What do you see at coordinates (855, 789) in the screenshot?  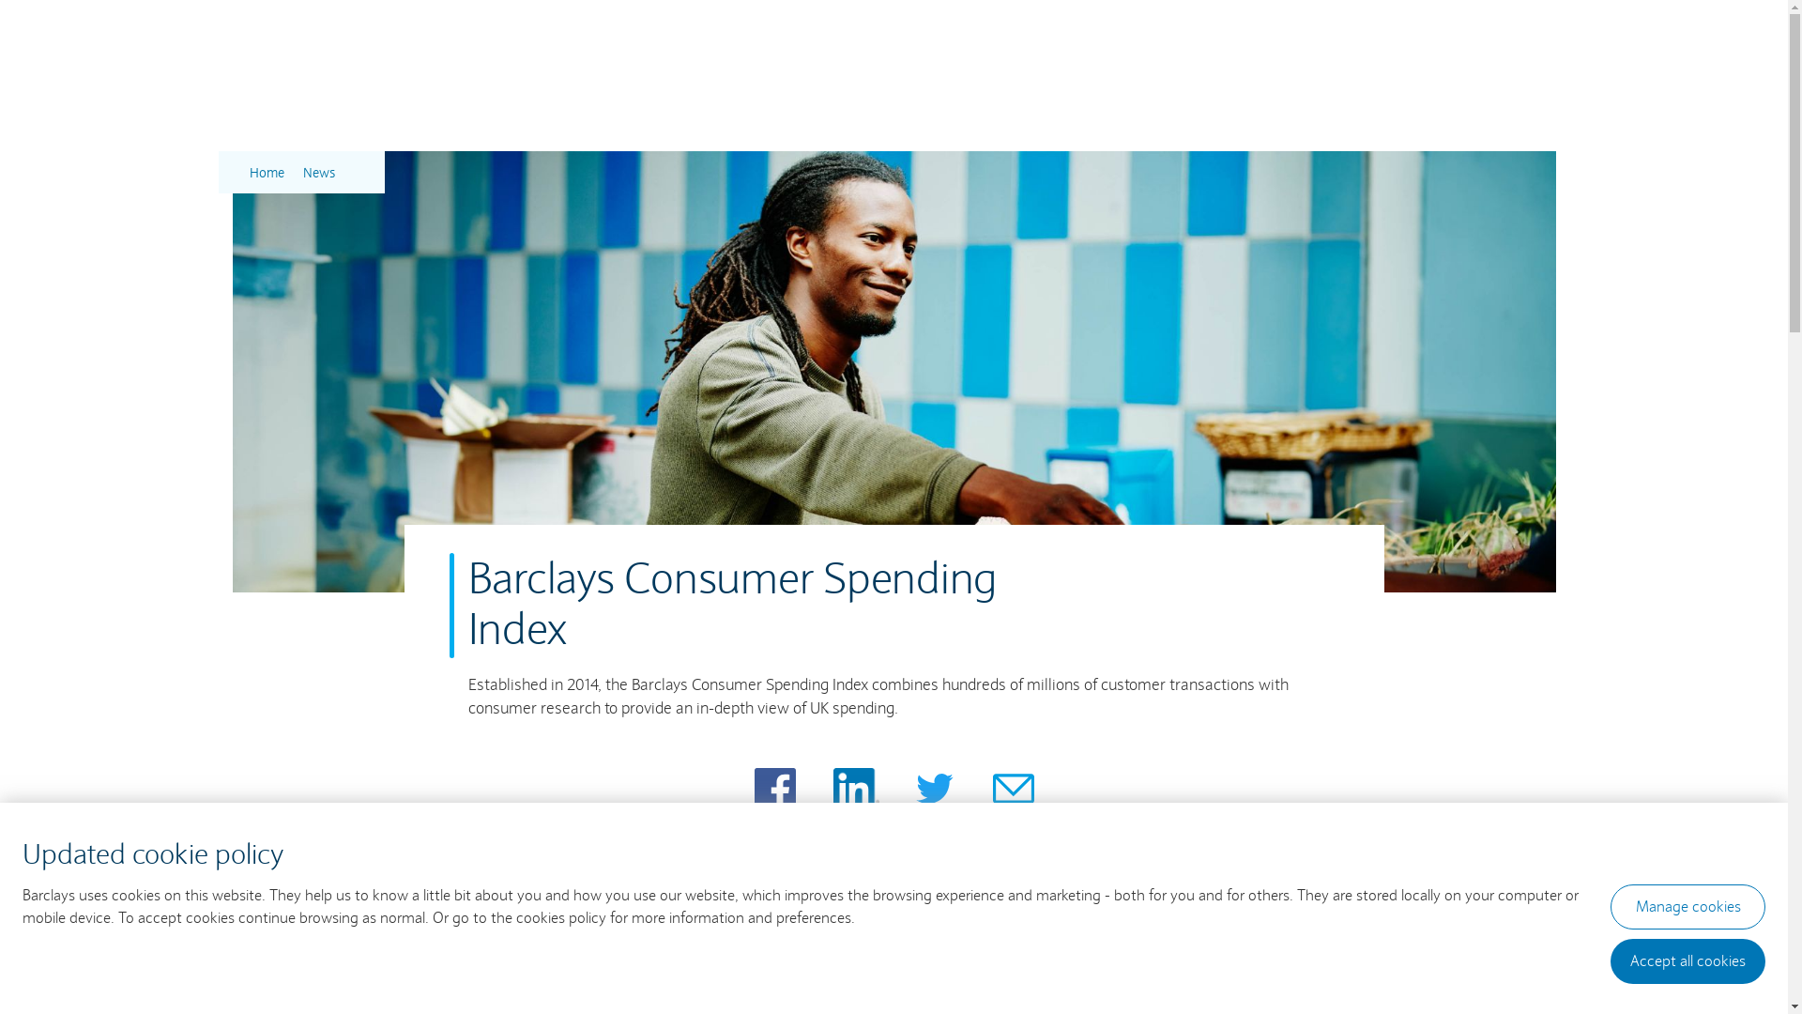 I see `'Share page via LinkedIn'` at bounding box center [855, 789].